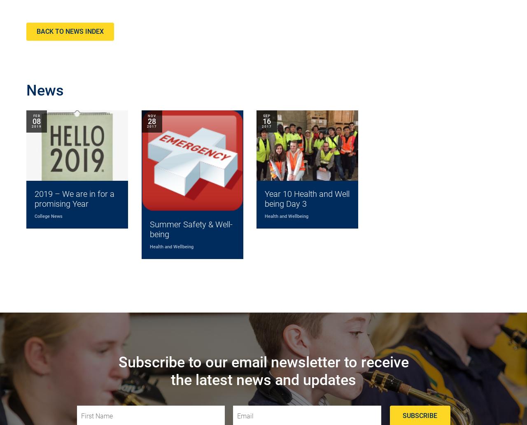 Image resolution: width=527 pixels, height=425 pixels. Describe the element at coordinates (26, 89) in the screenshot. I see `'News'` at that location.